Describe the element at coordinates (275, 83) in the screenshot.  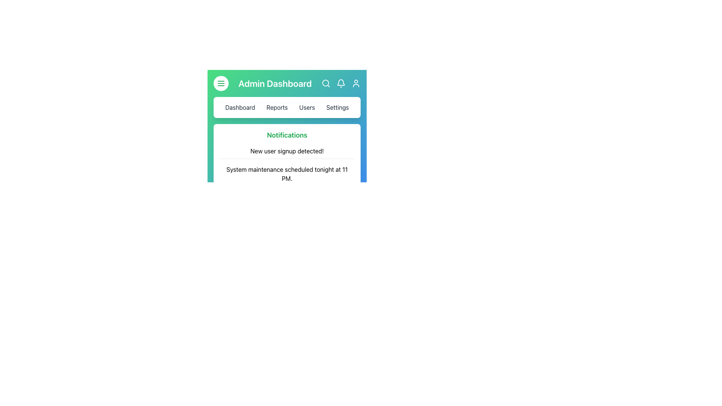
I see `the 'Admin Dashboard' label, which is a bold white text on a gradient background located in the top-center region of the interface, specifically within the header section` at that location.